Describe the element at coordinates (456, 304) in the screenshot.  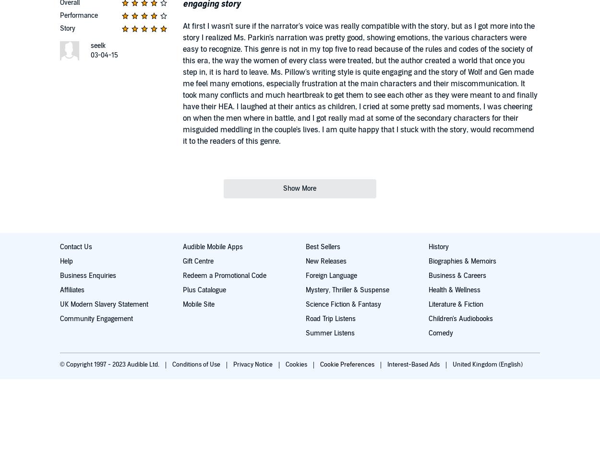
I see `'Literature & Fiction'` at that location.